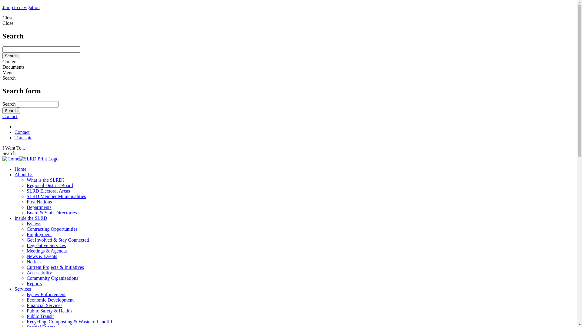 The image size is (582, 327). Describe the element at coordinates (50, 300) in the screenshot. I see `'Economic Development'` at that location.